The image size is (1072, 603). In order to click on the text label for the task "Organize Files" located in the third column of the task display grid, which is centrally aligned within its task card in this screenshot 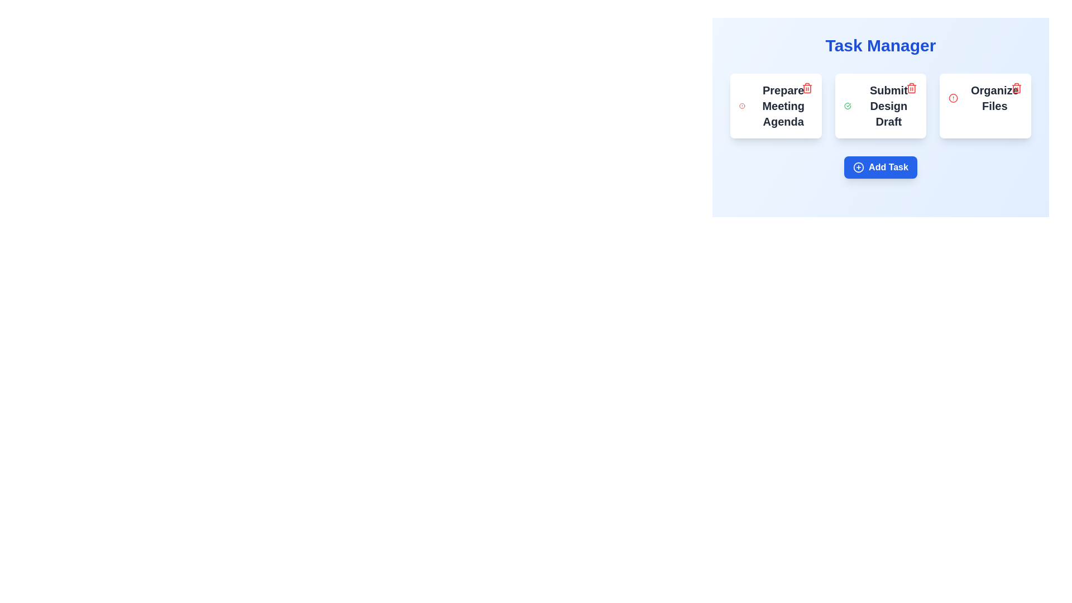, I will do `click(994, 98)`.